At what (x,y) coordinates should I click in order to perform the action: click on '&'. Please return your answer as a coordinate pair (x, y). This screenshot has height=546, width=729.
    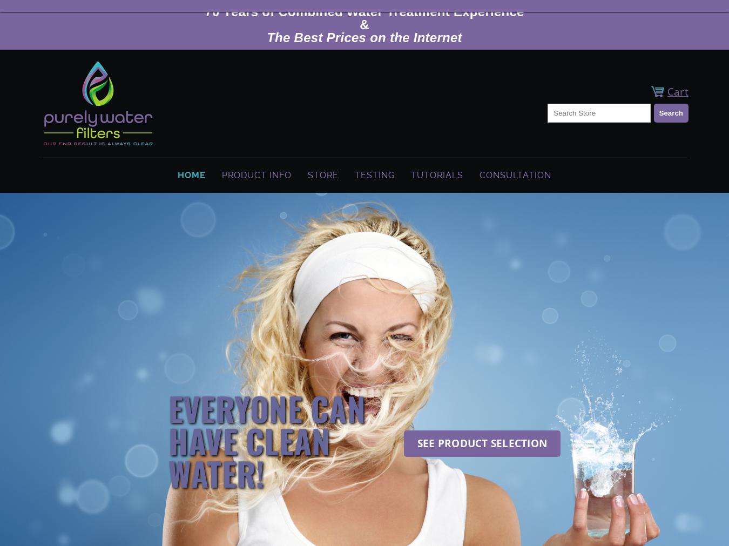
    Looking at the image, I should click on (364, 24).